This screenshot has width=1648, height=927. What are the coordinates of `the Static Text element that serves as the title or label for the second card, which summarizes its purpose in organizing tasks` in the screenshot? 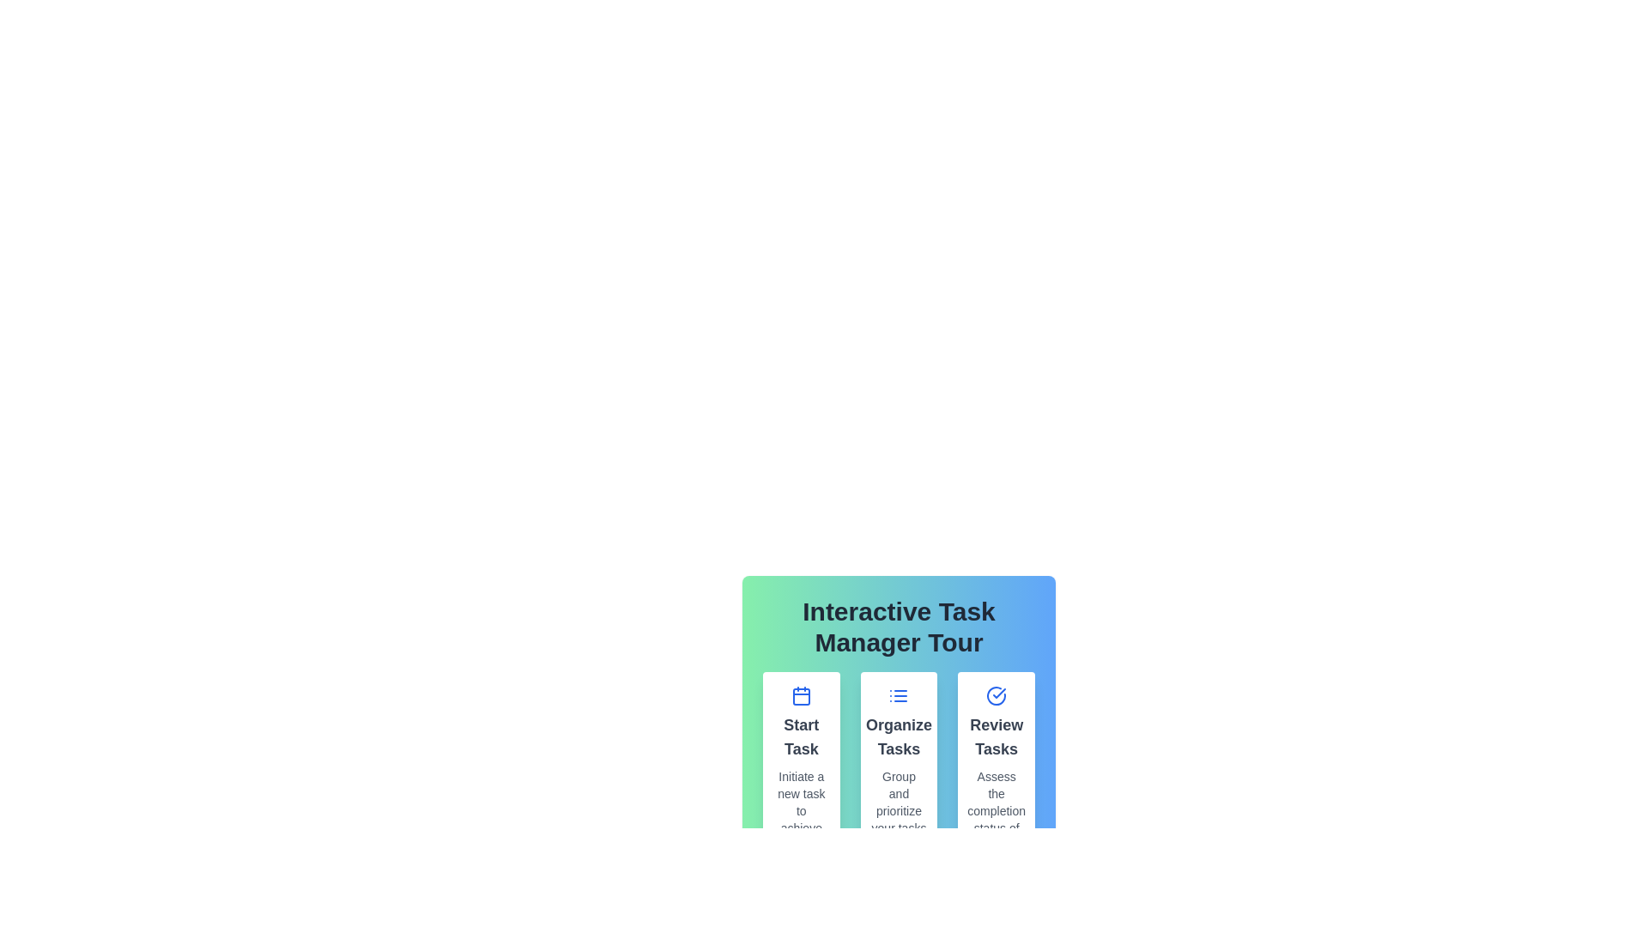 It's located at (898, 736).